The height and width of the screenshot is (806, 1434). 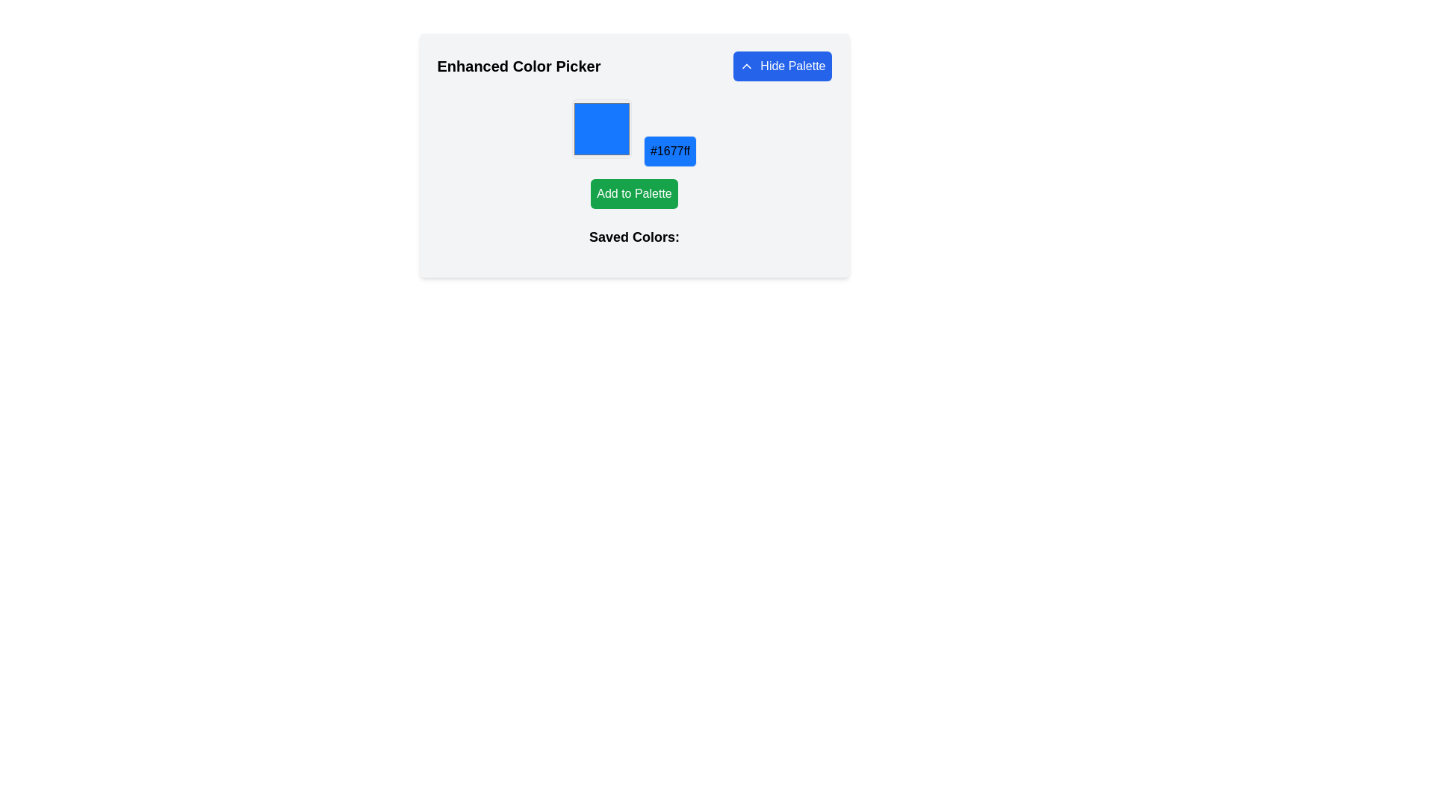 I want to click on the chevron icon located at the left side of the 'Hide Palette' button in the top right corner of the interface, so click(x=747, y=65).